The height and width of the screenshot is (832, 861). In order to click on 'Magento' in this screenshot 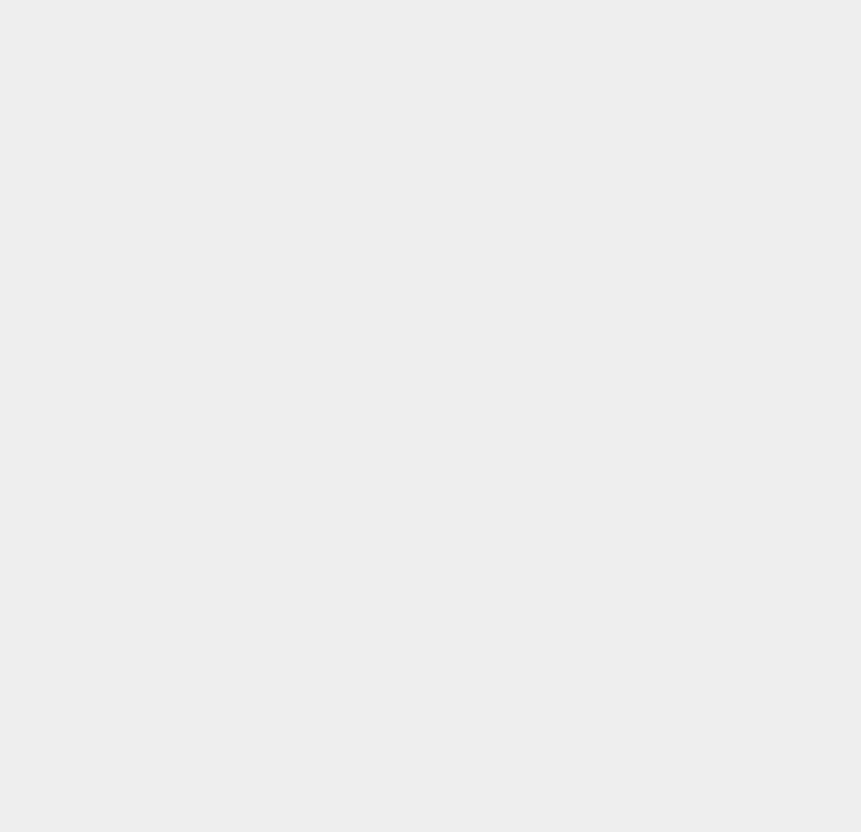, I will do `click(630, 315)`.